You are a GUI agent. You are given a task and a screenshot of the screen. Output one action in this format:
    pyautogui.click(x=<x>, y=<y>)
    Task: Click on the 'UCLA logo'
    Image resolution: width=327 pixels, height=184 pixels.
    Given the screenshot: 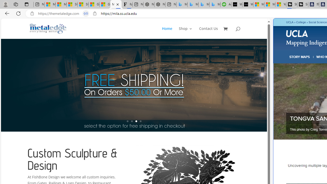 What is the action you would take?
    pyautogui.click(x=297, y=34)
    